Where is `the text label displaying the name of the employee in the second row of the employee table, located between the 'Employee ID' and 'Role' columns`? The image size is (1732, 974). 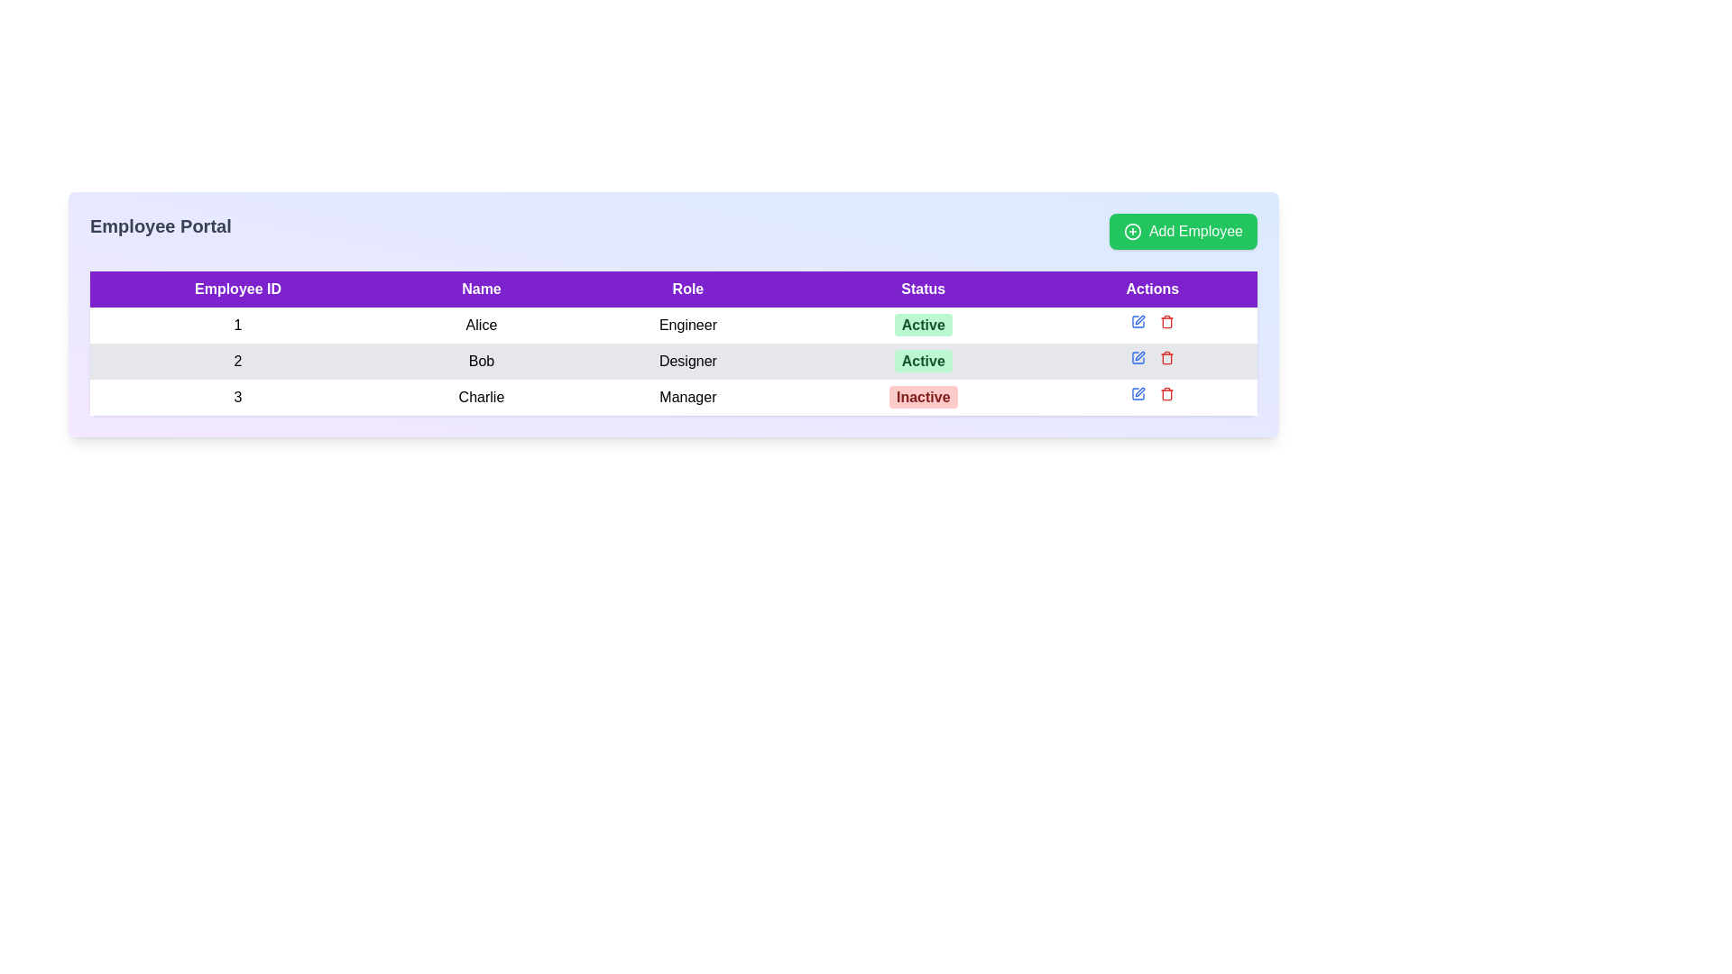 the text label displaying the name of the employee in the second row of the employee table, located between the 'Employee ID' and 'Role' columns is located at coordinates (481, 362).